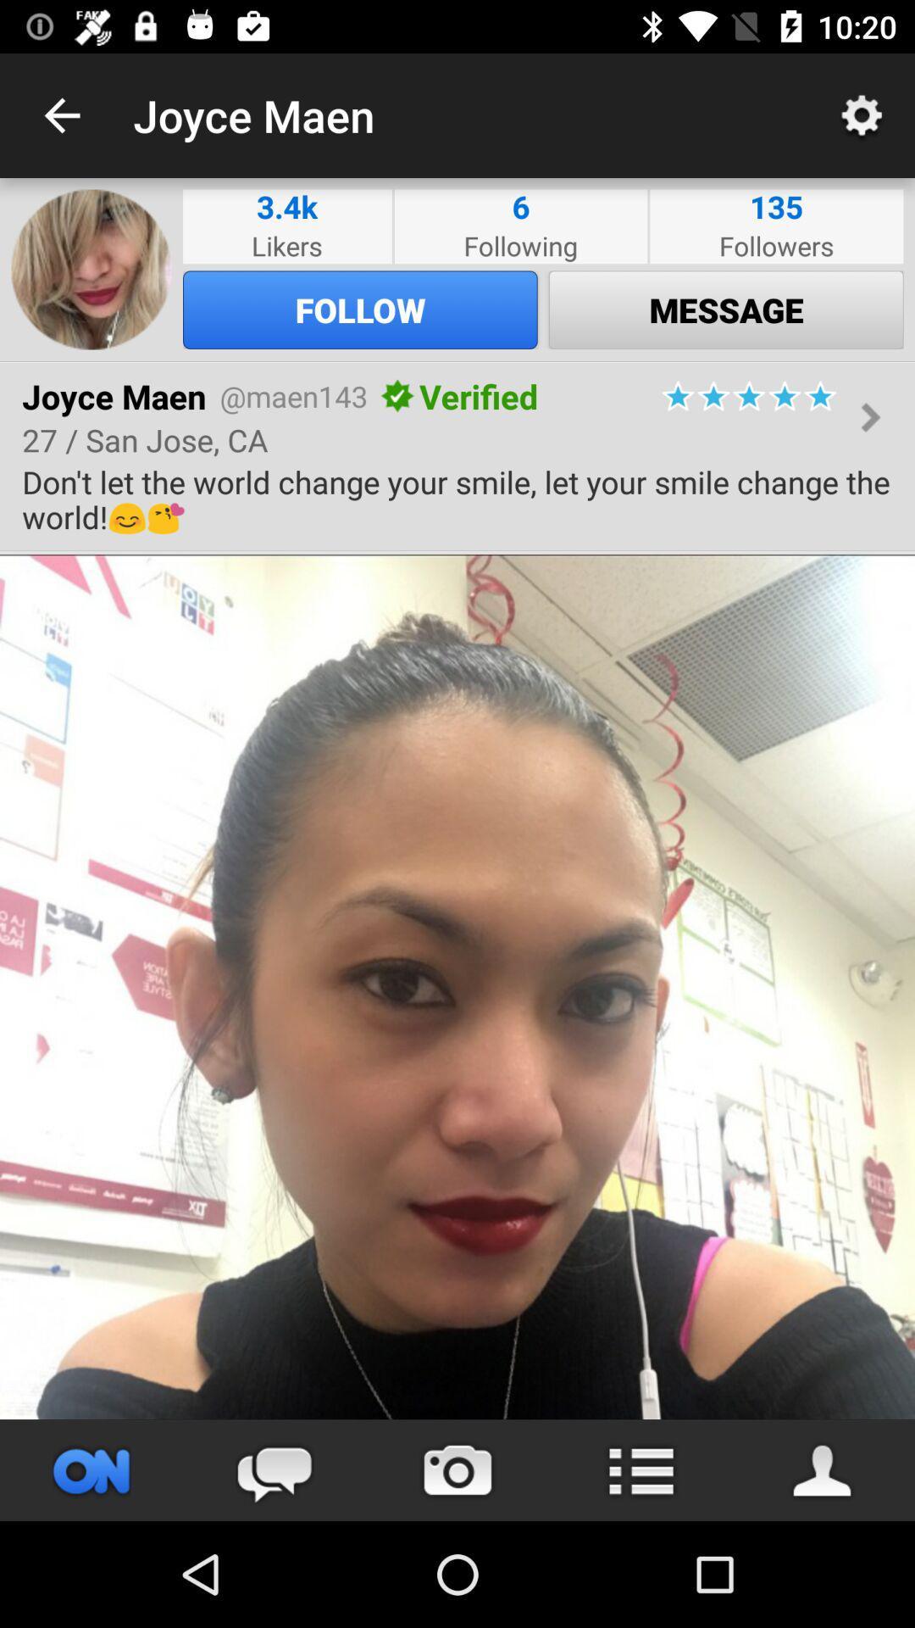 This screenshot has height=1628, width=915. Describe the element at coordinates (144, 439) in the screenshot. I see `27 san jose item` at that location.